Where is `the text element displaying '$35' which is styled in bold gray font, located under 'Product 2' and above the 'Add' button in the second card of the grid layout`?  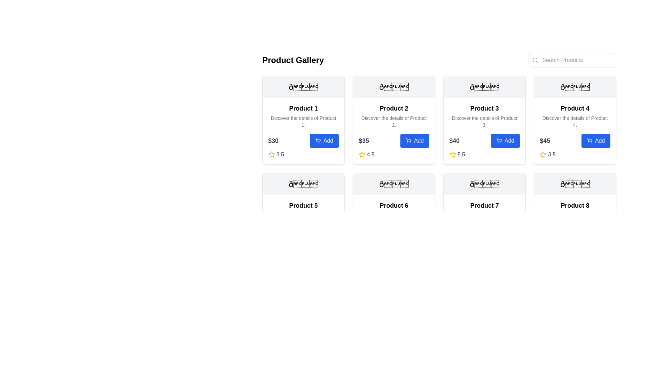 the text element displaying '$35' which is styled in bold gray font, located under 'Product 2' and above the 'Add' button in the second card of the grid layout is located at coordinates (363, 140).